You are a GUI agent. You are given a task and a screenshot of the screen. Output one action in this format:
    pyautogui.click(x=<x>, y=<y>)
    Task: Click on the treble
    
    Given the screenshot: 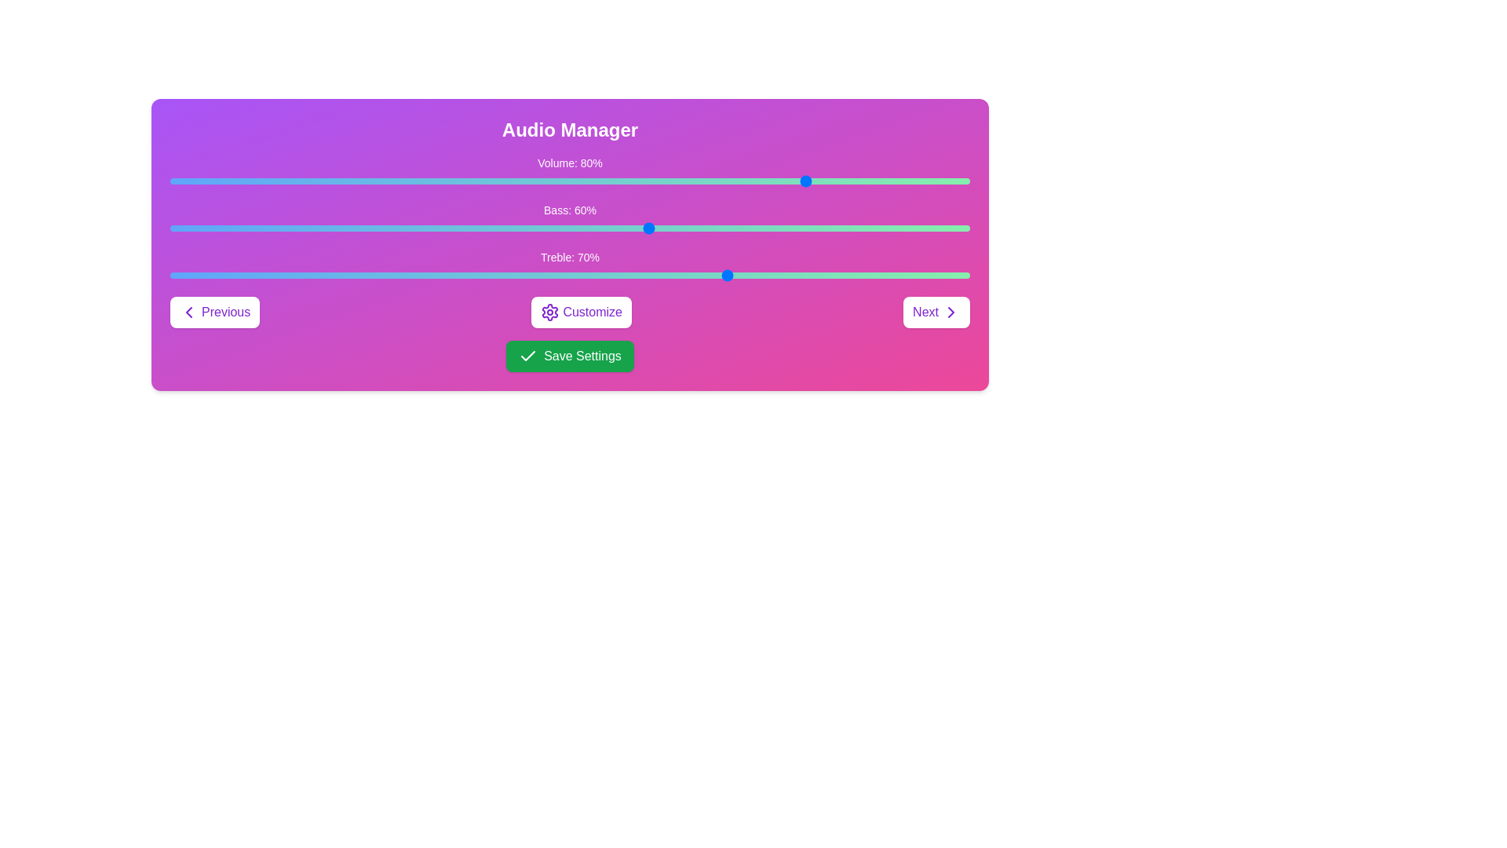 What is the action you would take?
    pyautogui.click(x=418, y=275)
    